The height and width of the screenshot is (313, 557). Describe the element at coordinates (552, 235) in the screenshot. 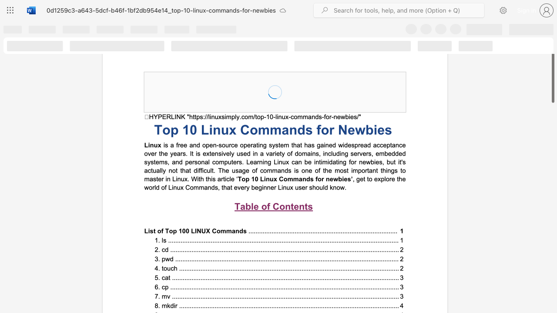

I see `the side scrollbar to bring the page down` at that location.